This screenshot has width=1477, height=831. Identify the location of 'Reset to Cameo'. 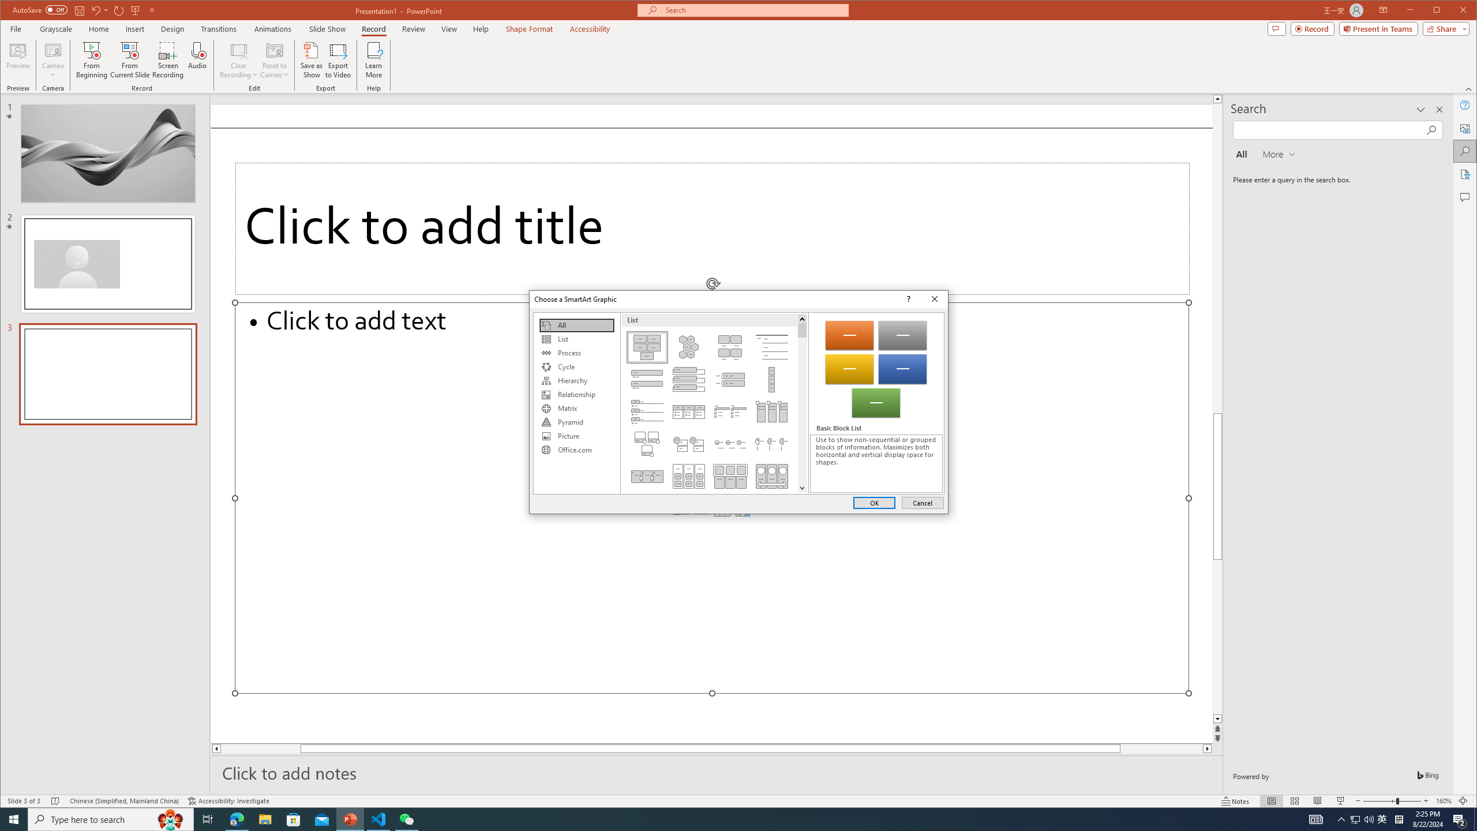
(273, 59).